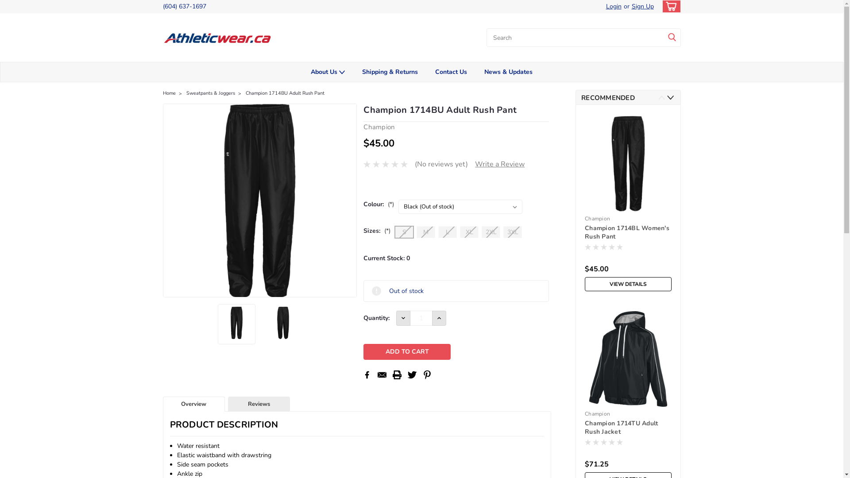  Describe the element at coordinates (439, 317) in the screenshot. I see `'INCREASE QUANTITY:'` at that location.